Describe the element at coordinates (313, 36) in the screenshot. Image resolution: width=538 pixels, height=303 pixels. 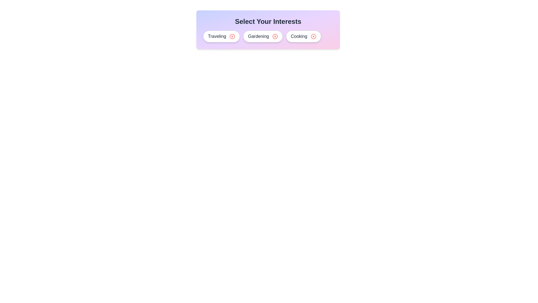
I see `the delete button for the interest labeled Cooking` at that location.